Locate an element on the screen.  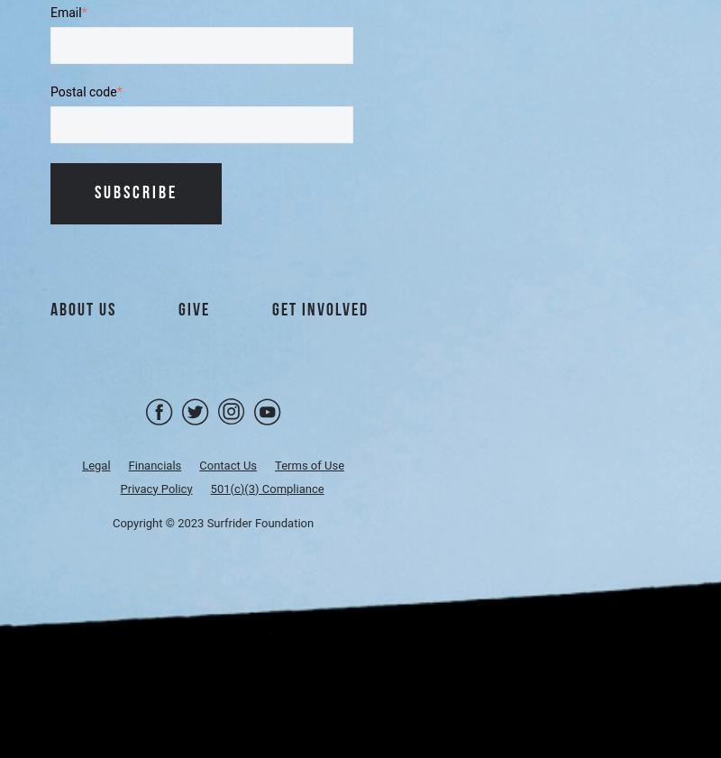
'Postal code' is located at coordinates (83, 90).